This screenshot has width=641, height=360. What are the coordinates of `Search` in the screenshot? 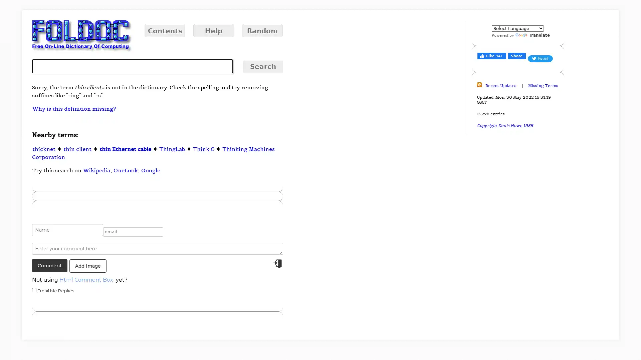 It's located at (262, 67).